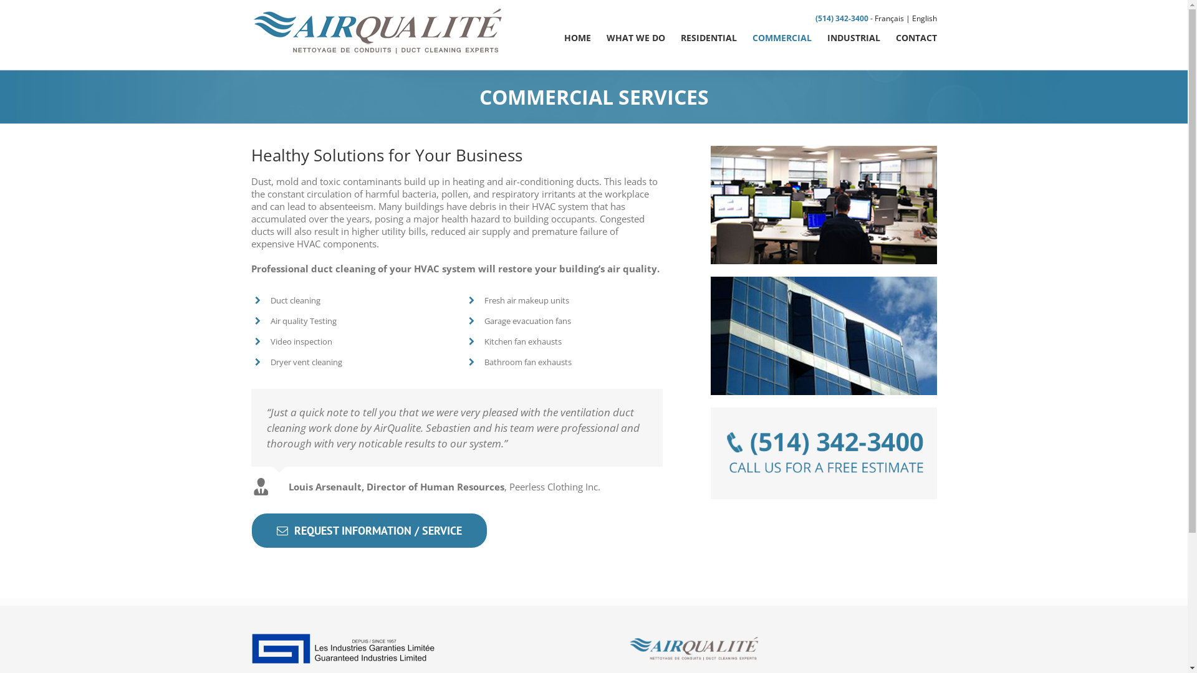  I want to click on 'English', so click(924, 18).